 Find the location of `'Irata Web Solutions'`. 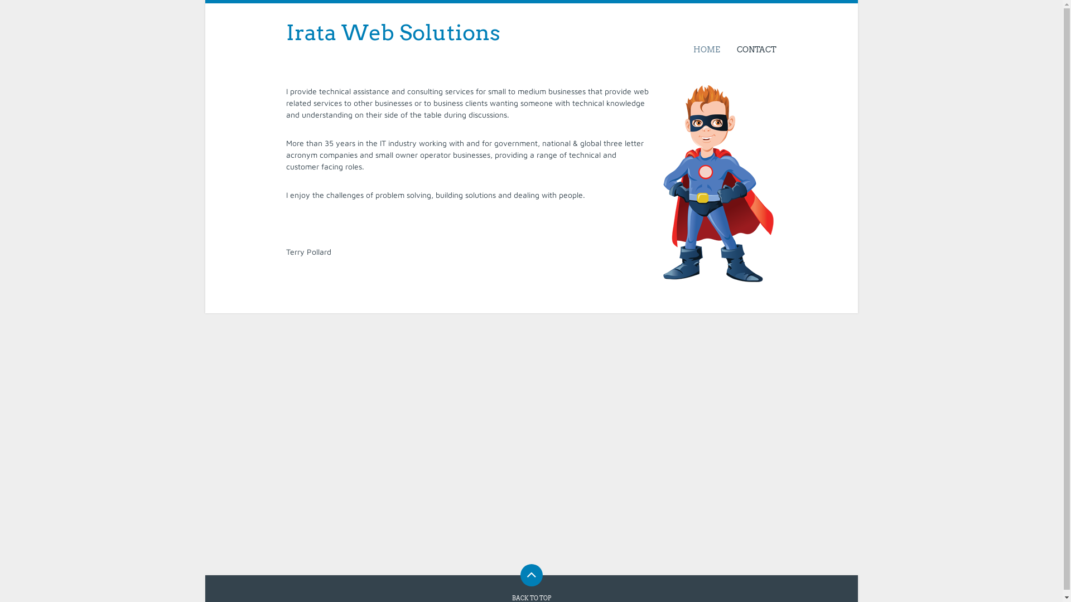

'Irata Web Solutions' is located at coordinates (393, 32).